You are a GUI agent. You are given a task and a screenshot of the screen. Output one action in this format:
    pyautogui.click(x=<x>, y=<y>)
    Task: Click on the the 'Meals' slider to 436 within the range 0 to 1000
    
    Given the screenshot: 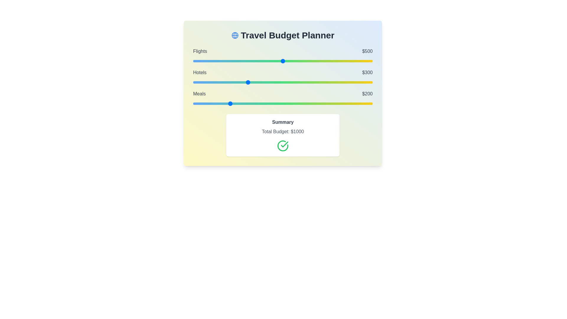 What is the action you would take?
    pyautogui.click(x=271, y=103)
    